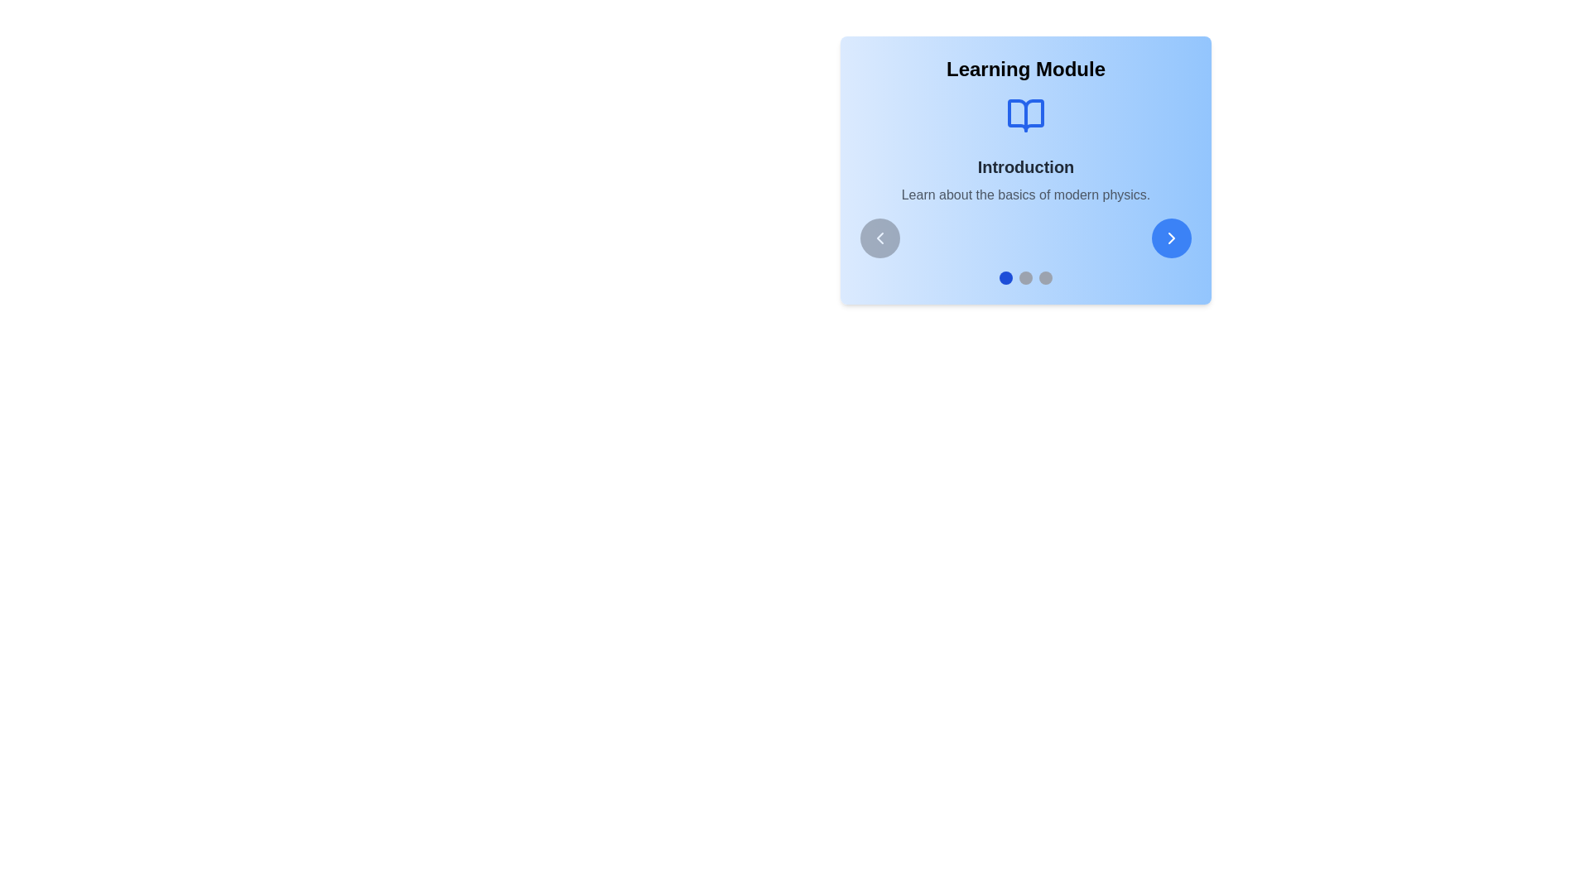 Image resolution: width=1590 pixels, height=894 pixels. I want to click on the second circular progress indicator in the navigation sequence to interact with it, if it is active, so click(1024, 276).